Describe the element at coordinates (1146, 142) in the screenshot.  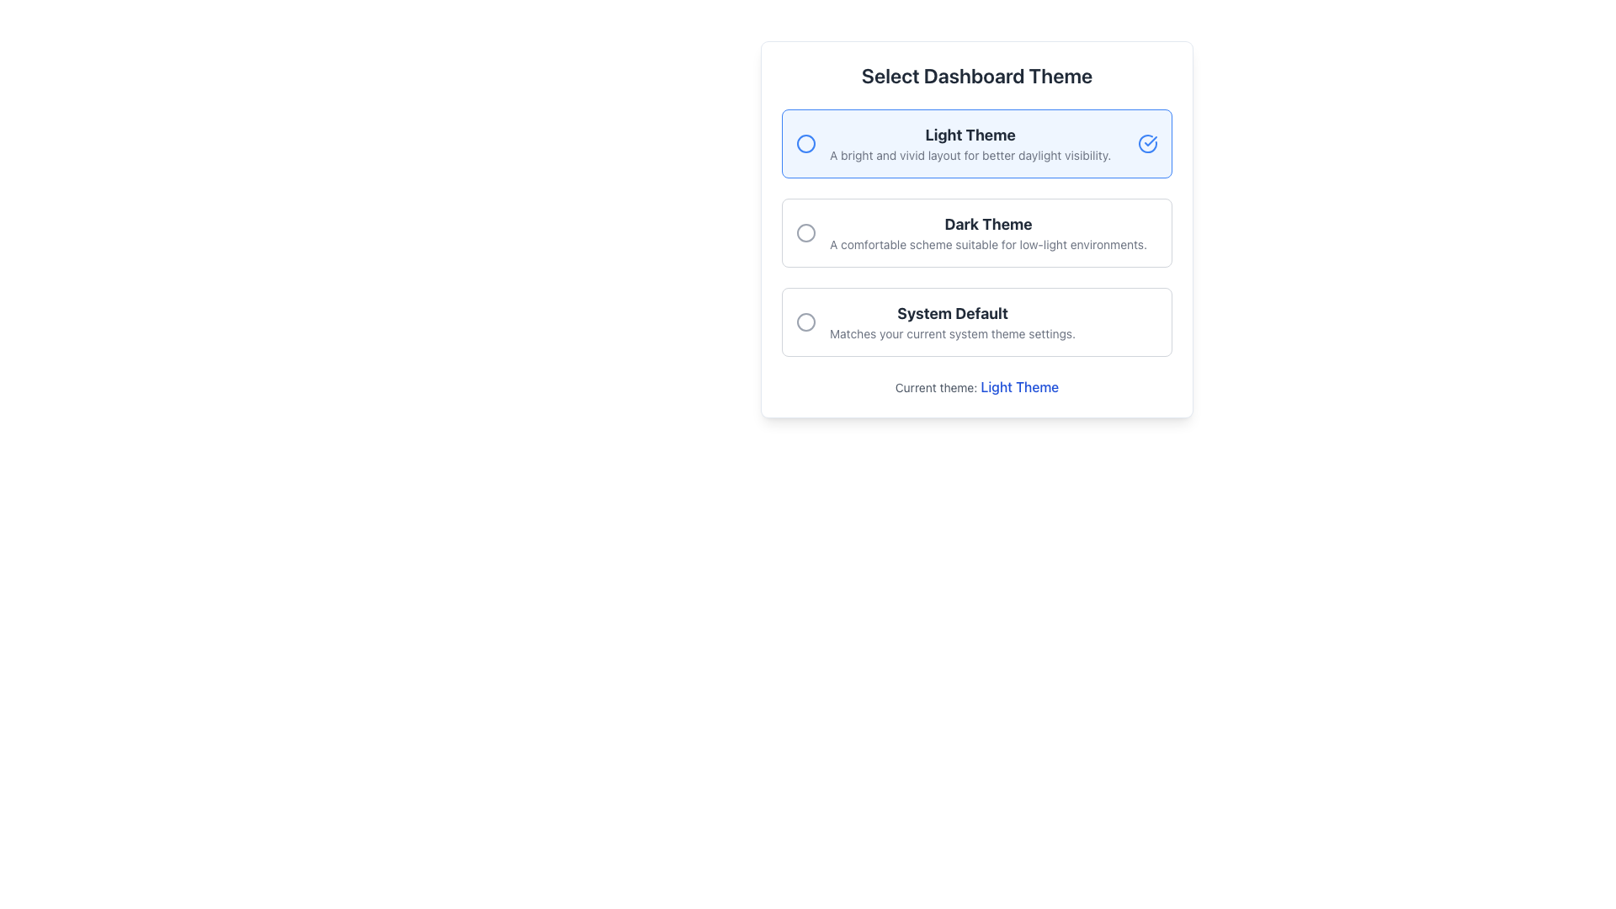
I see `the indicator icon for the 'Light Theme' option, which is positioned on the right side of the corresponding text in the selectable themes section` at that location.